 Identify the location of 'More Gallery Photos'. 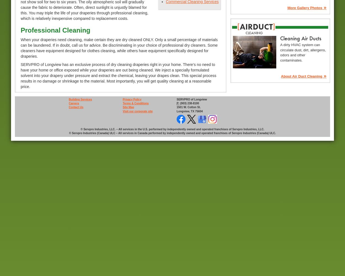
(304, 7).